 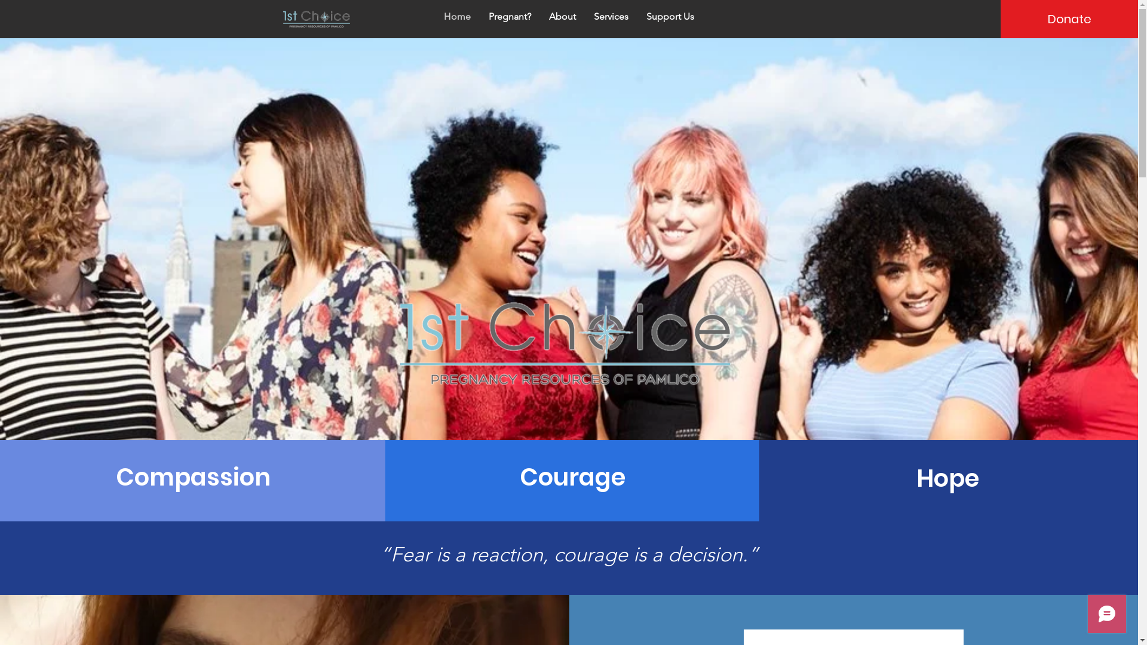 What do you see at coordinates (670, 16) in the screenshot?
I see `'Support Us'` at bounding box center [670, 16].